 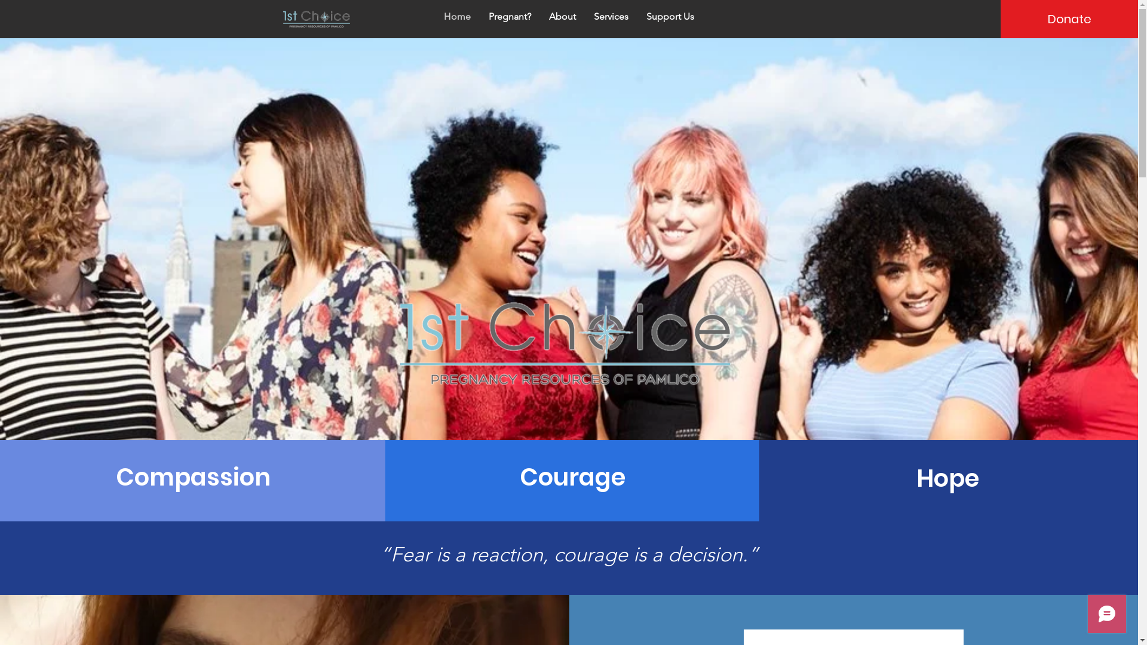 What do you see at coordinates (670, 16) in the screenshot?
I see `'Support Us'` at bounding box center [670, 16].